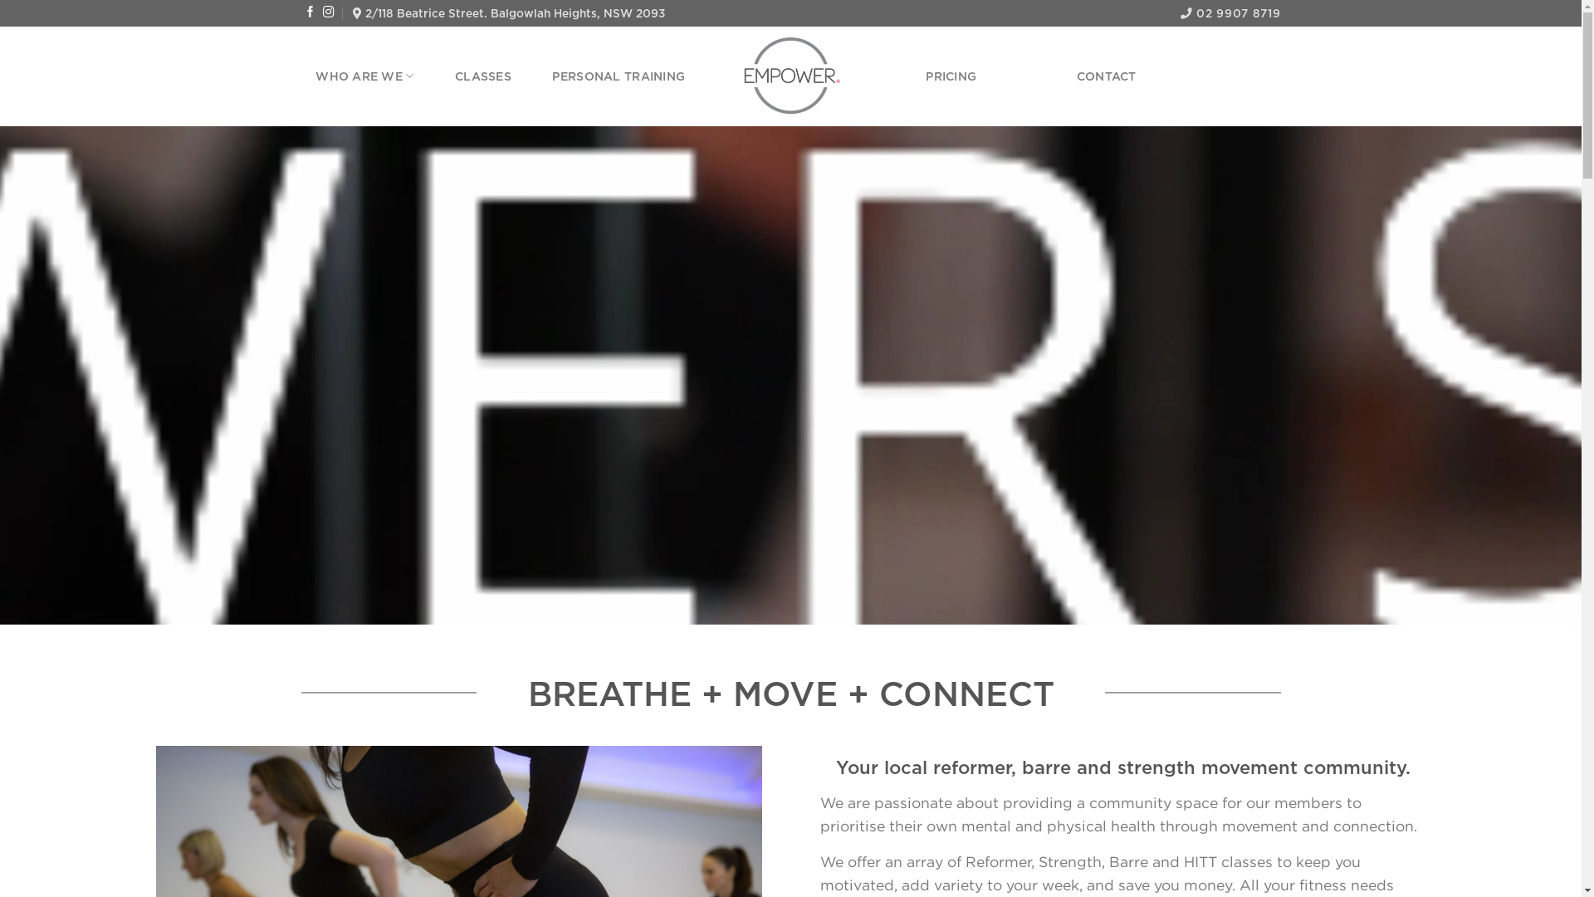  What do you see at coordinates (322, 12) in the screenshot?
I see `'Follow on Instagram'` at bounding box center [322, 12].